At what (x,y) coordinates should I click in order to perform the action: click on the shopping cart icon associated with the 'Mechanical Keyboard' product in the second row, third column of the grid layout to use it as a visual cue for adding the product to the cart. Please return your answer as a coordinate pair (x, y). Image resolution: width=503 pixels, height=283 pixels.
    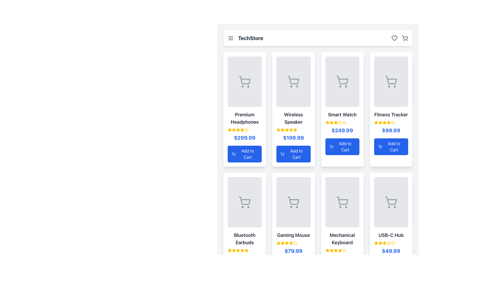
    Looking at the image, I should click on (342, 202).